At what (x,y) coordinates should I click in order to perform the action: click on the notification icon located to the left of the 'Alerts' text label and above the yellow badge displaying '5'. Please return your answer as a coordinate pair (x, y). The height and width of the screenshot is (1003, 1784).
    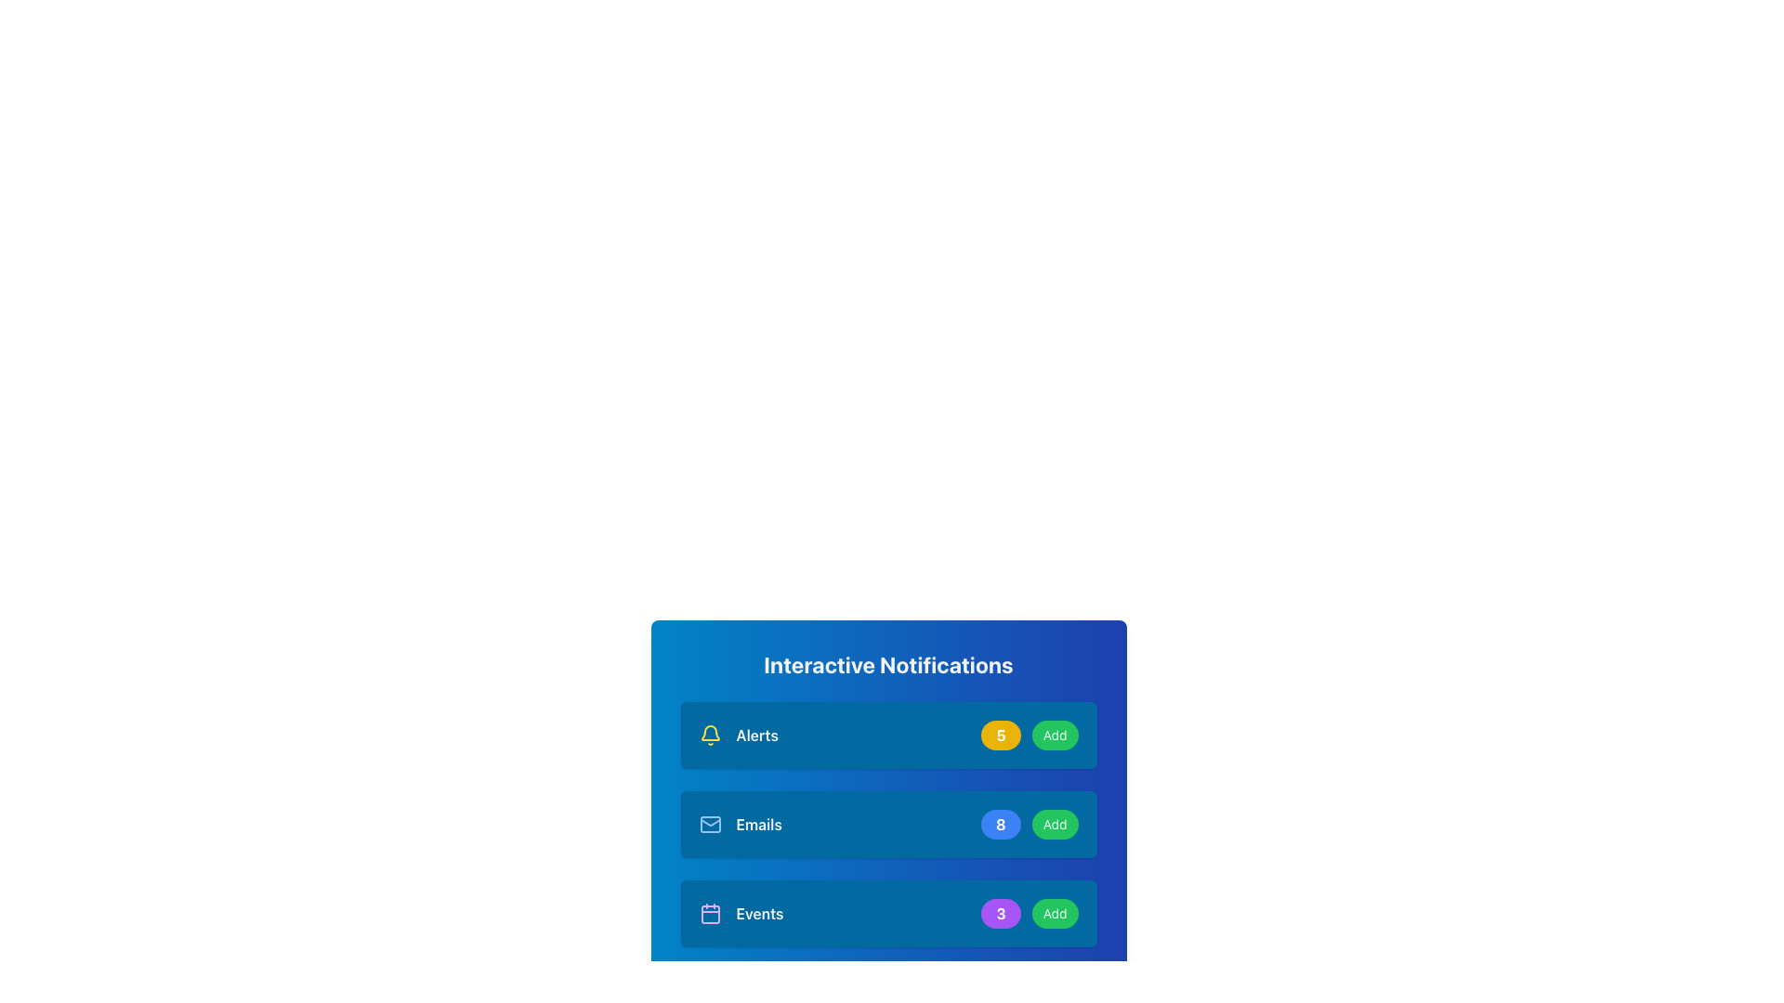
    Looking at the image, I should click on (709, 732).